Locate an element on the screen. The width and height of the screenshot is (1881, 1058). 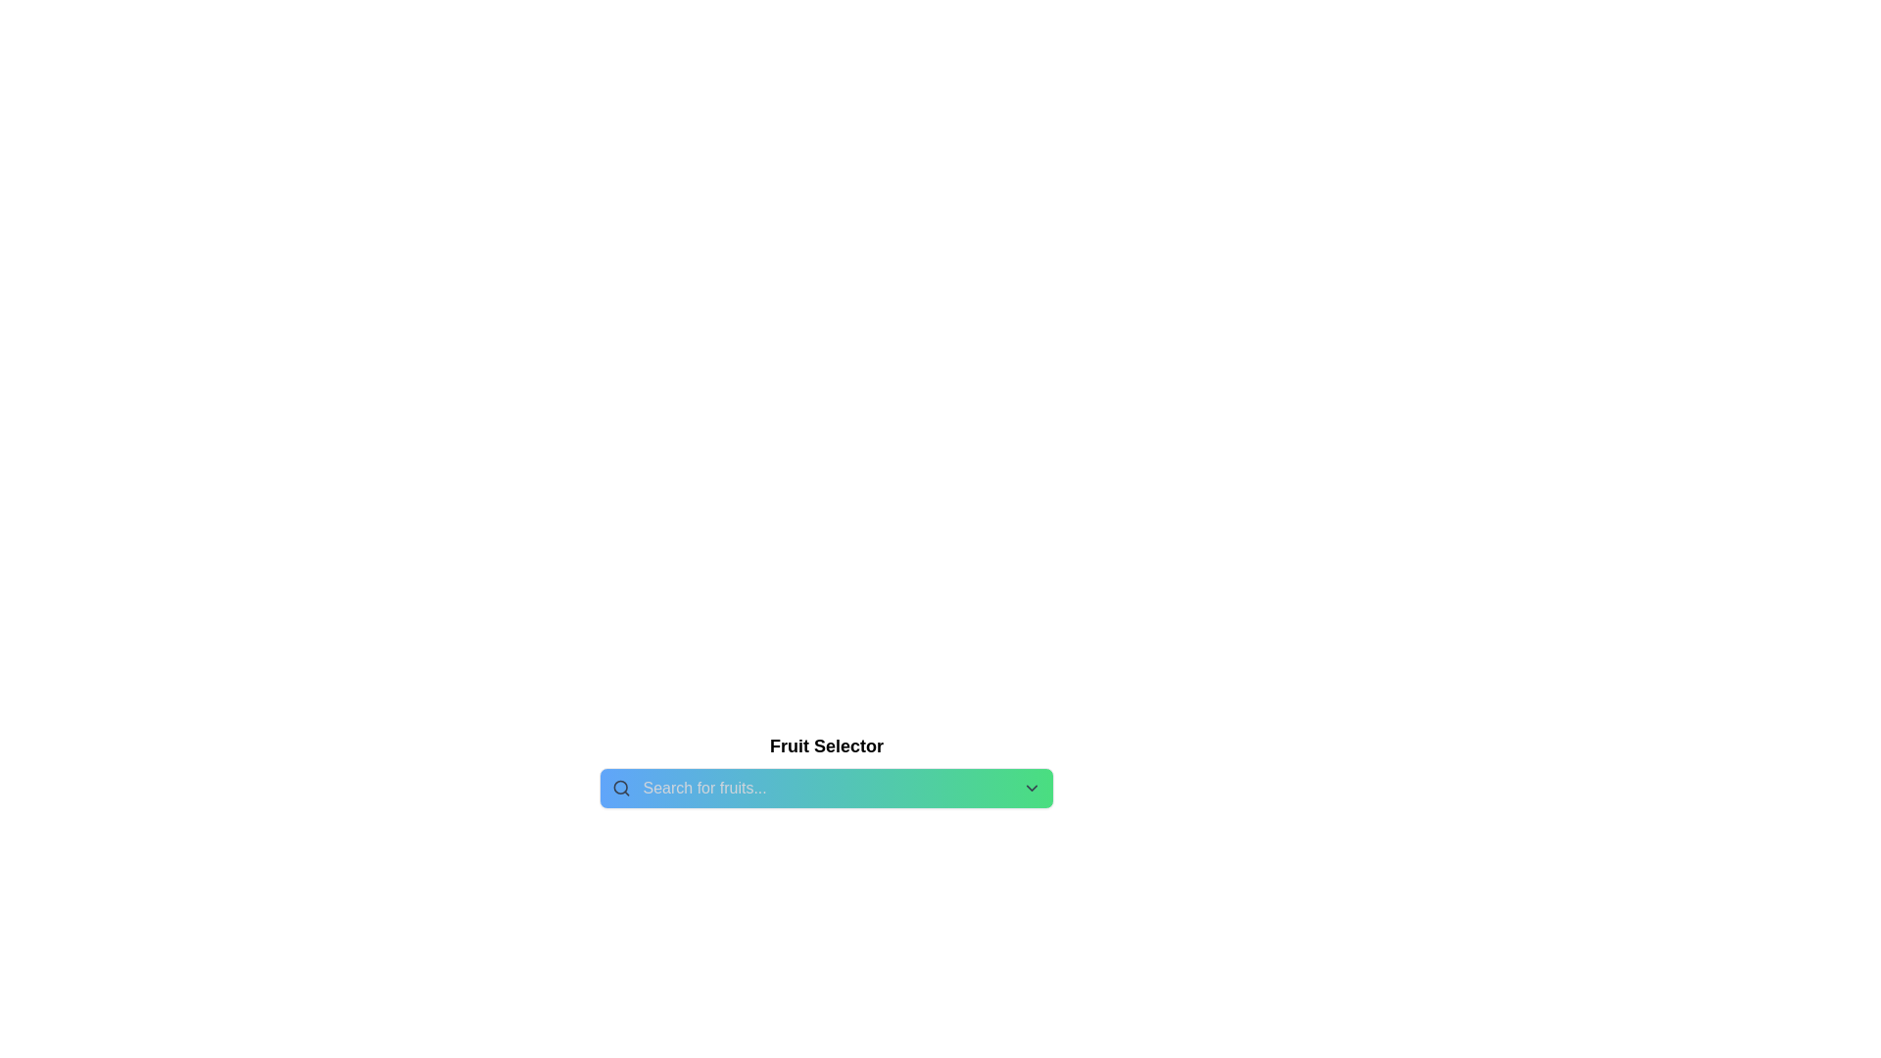
the search icon located at the leftmost position of the search bar, which serves as a visual indicator for search functionality is located at coordinates (620, 788).